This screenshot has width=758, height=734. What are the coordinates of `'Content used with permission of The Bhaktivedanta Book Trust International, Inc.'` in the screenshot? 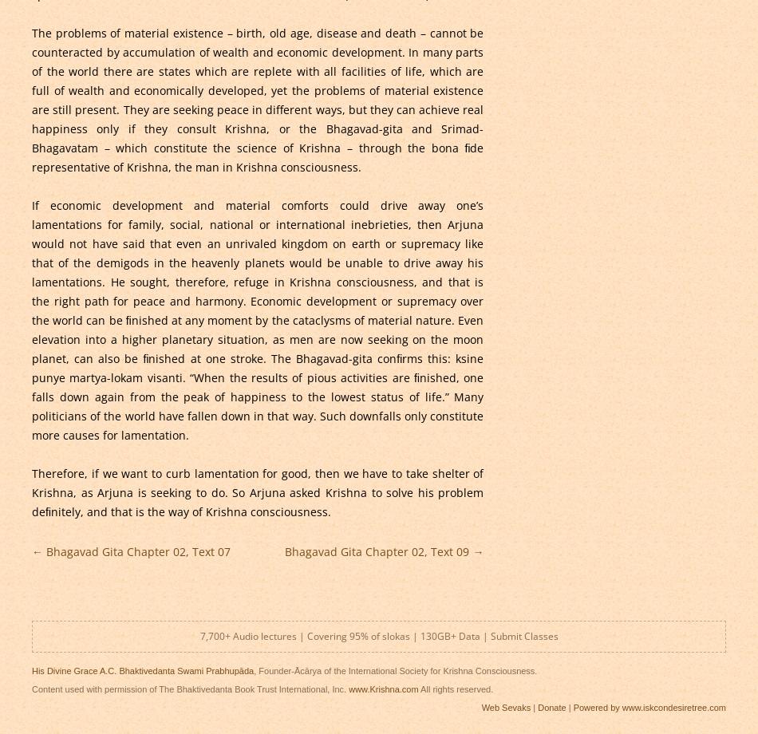 It's located at (189, 687).